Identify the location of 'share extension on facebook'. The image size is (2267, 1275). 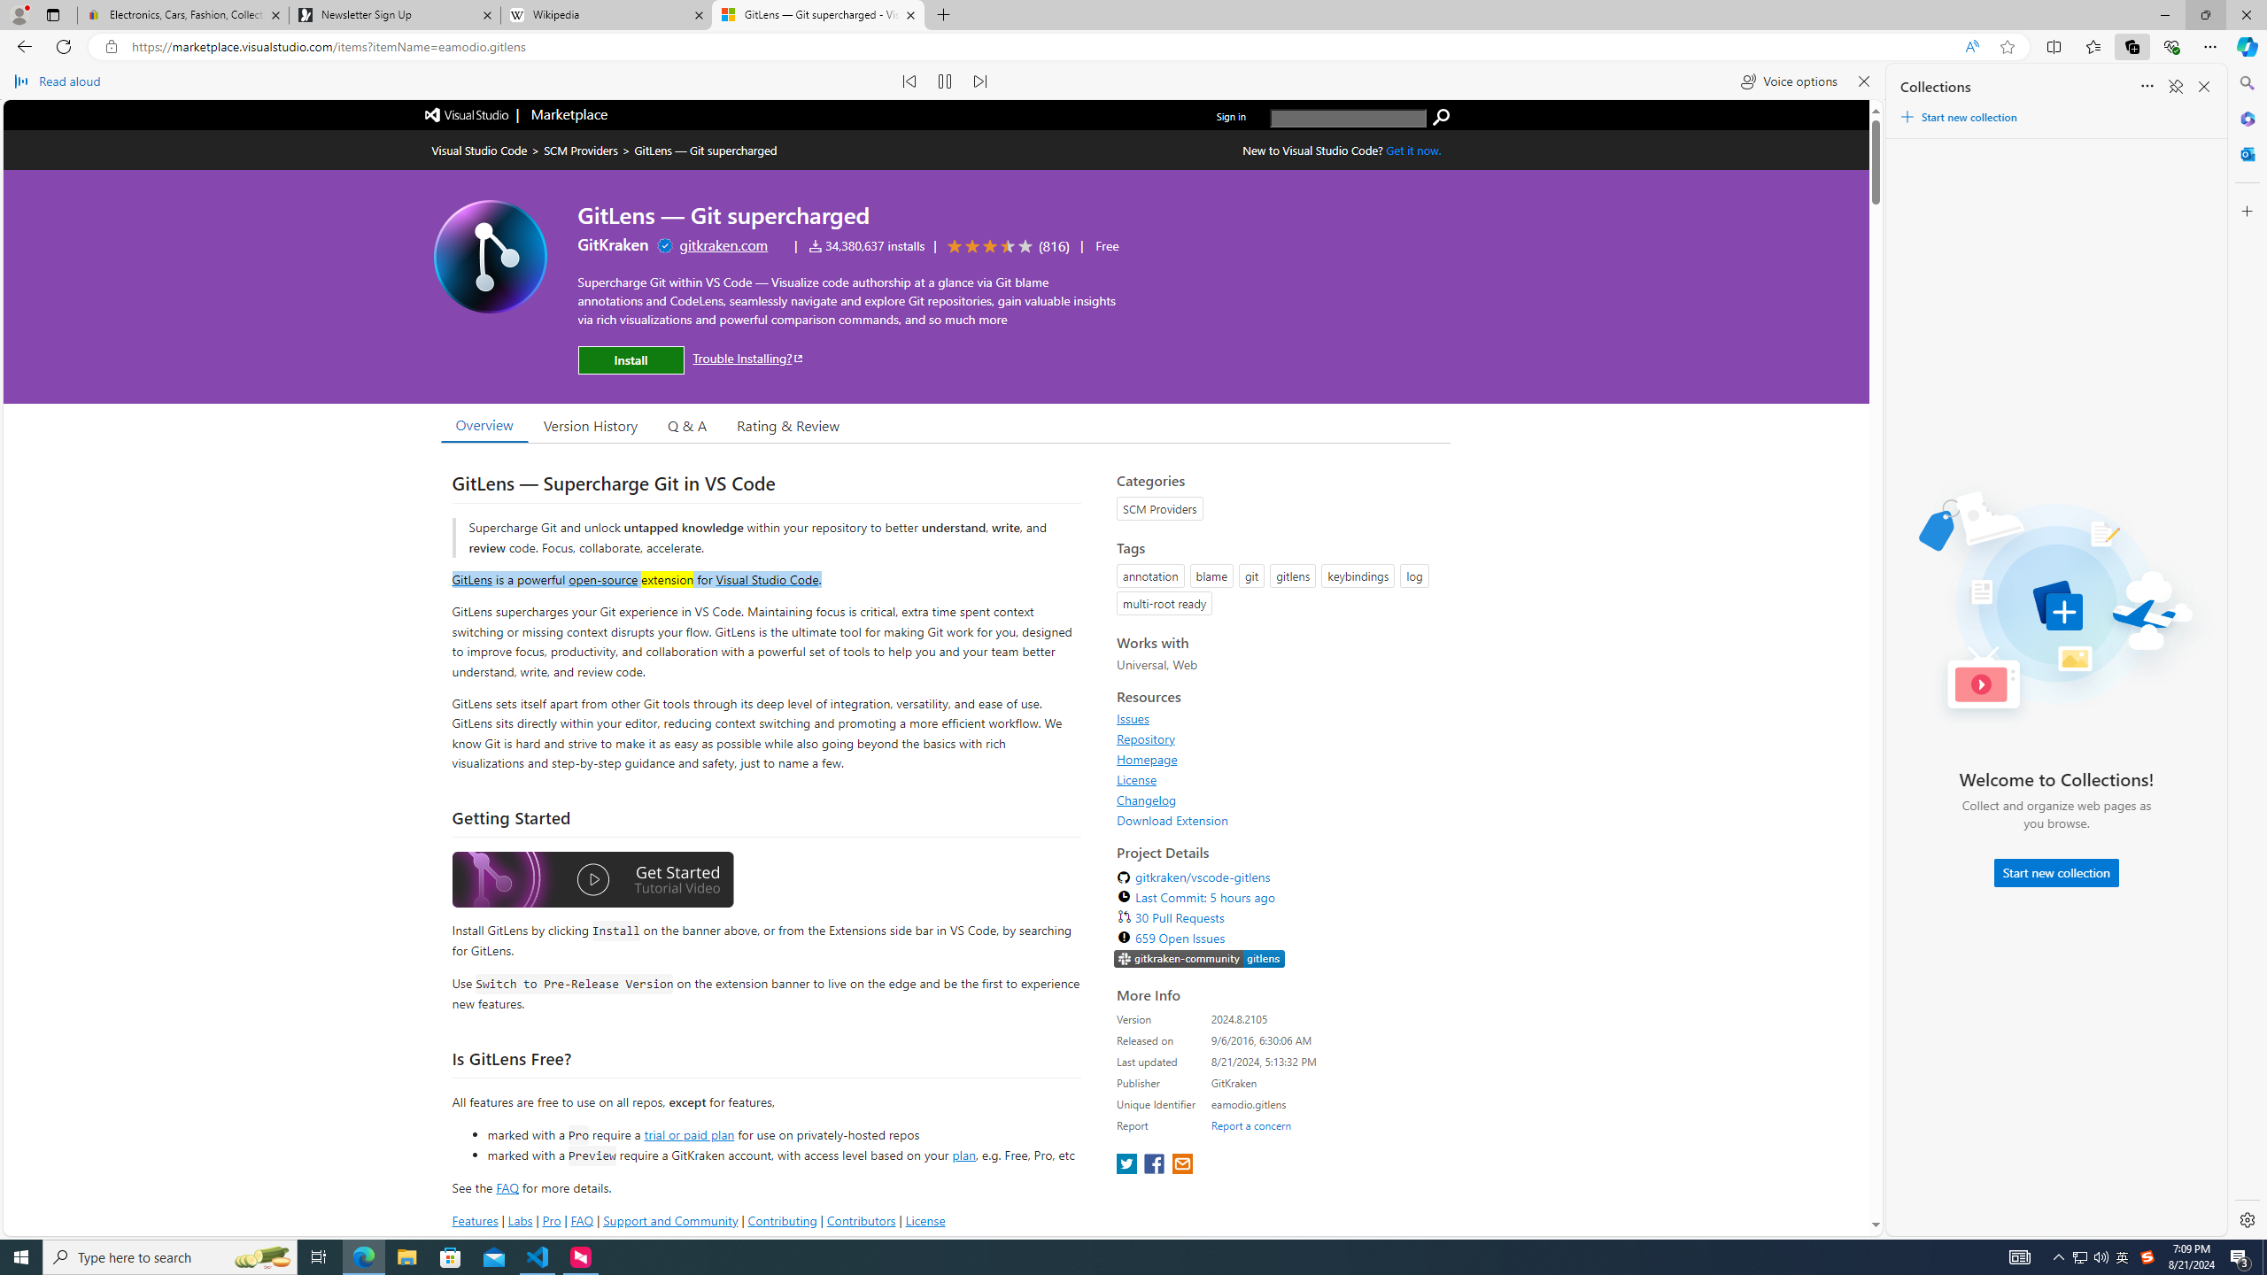
(1155, 1164).